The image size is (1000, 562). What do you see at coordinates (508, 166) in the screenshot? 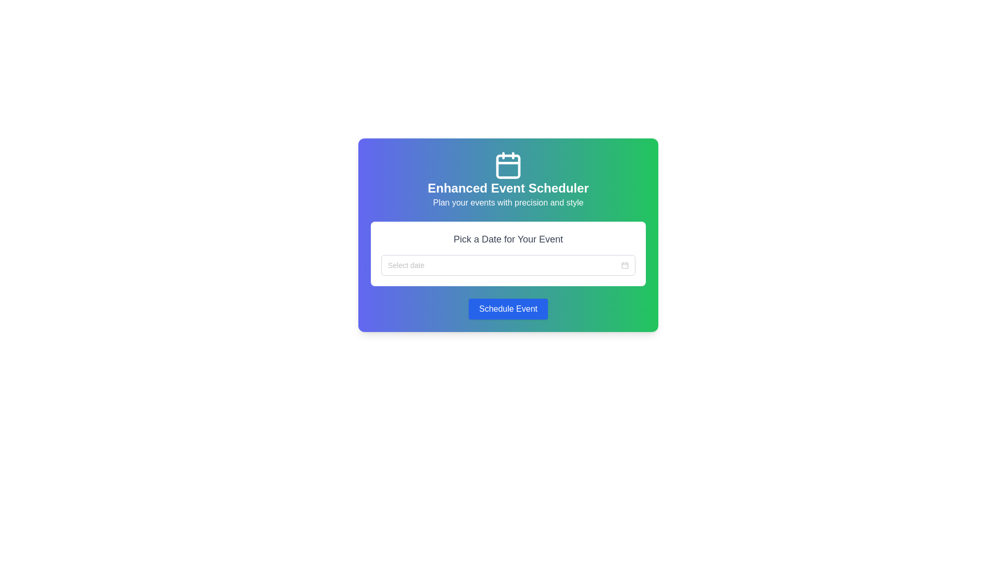
I see `the central bottom area of the calendar icon, which is part of a larger SVG element representing the calendar graphic` at bounding box center [508, 166].